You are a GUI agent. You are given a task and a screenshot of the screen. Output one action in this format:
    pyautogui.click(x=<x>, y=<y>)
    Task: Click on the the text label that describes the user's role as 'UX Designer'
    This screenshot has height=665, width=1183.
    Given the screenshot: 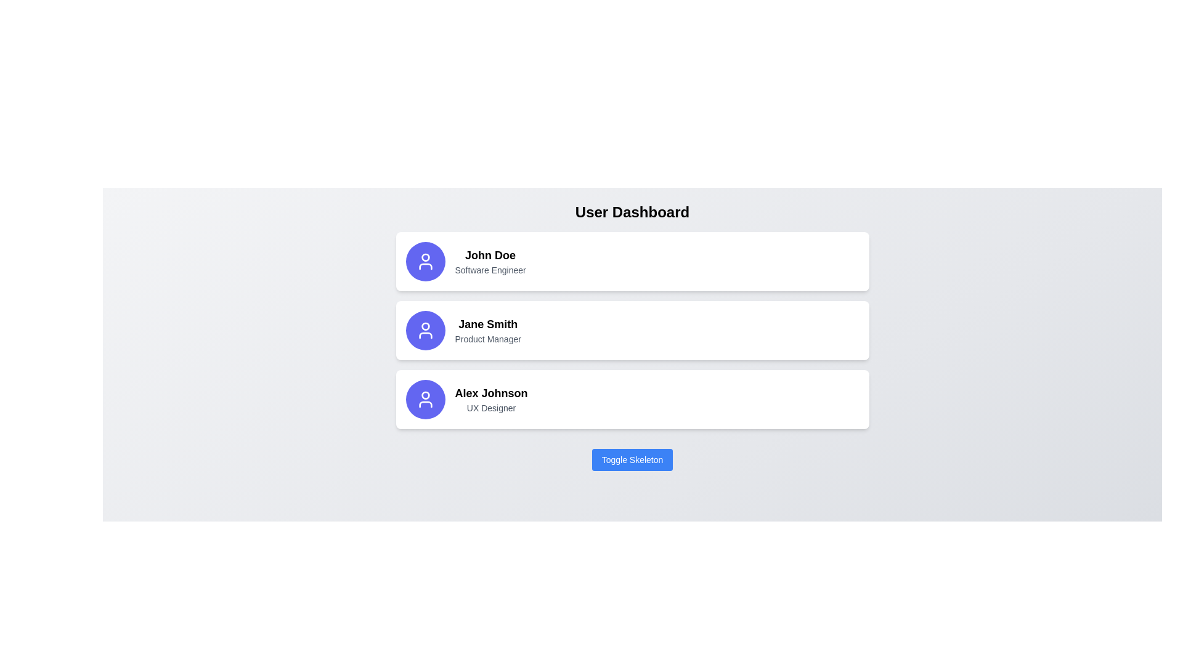 What is the action you would take?
    pyautogui.click(x=490, y=408)
    